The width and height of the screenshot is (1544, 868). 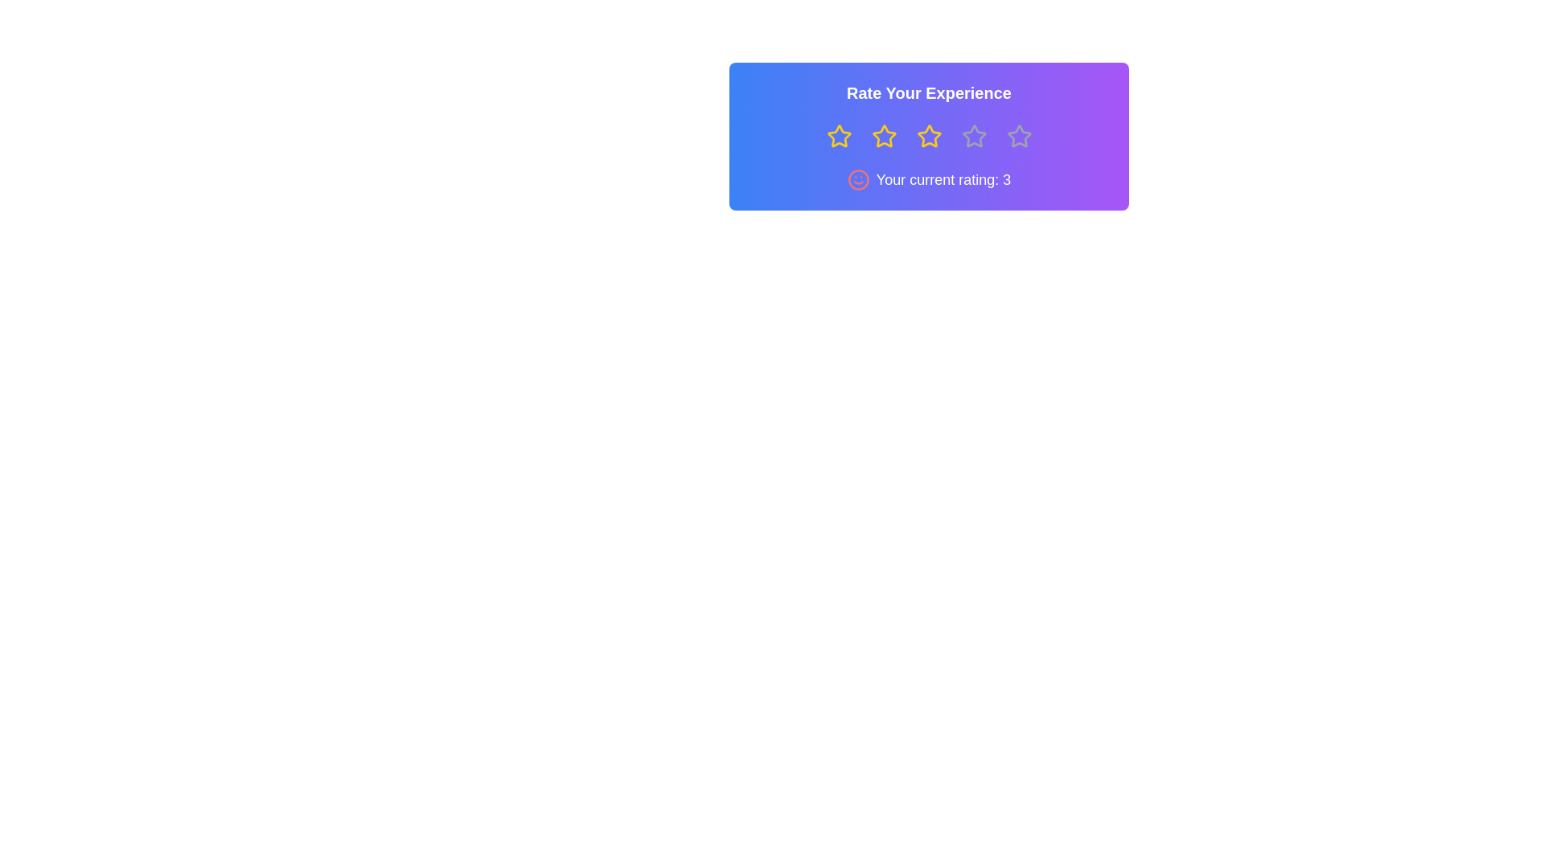 I want to click on the star representing 2 stars to preview the rating effect, so click(x=883, y=135).